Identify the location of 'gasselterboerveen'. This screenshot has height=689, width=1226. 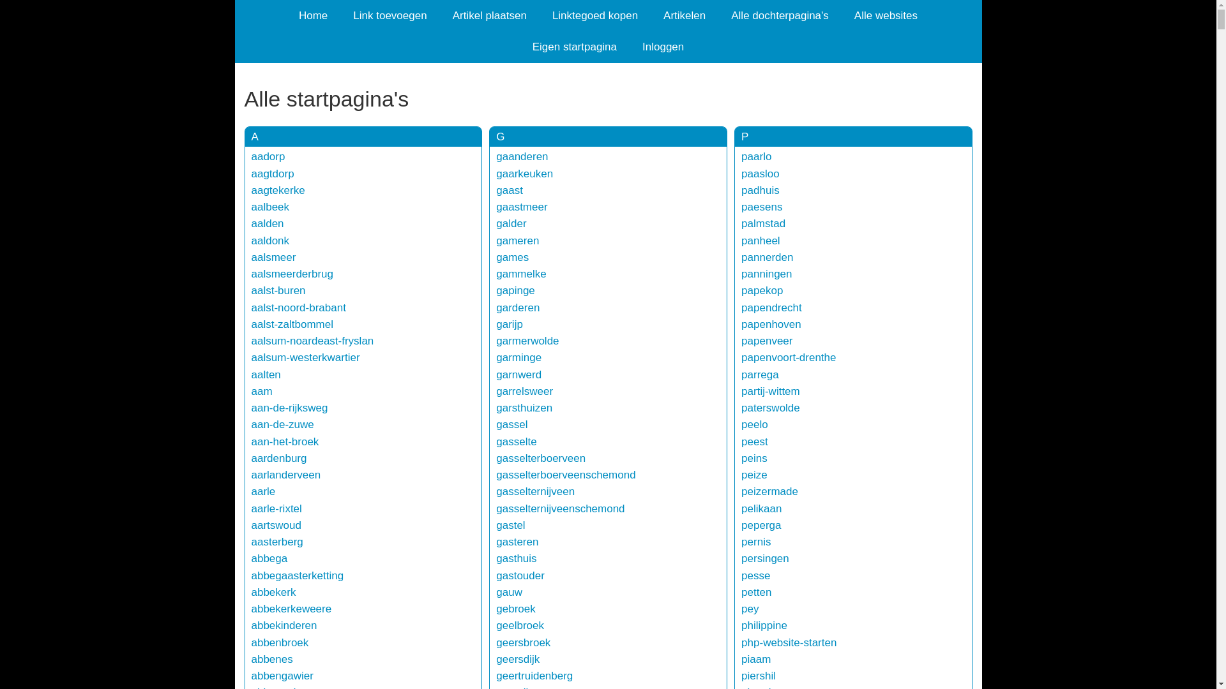
(496, 457).